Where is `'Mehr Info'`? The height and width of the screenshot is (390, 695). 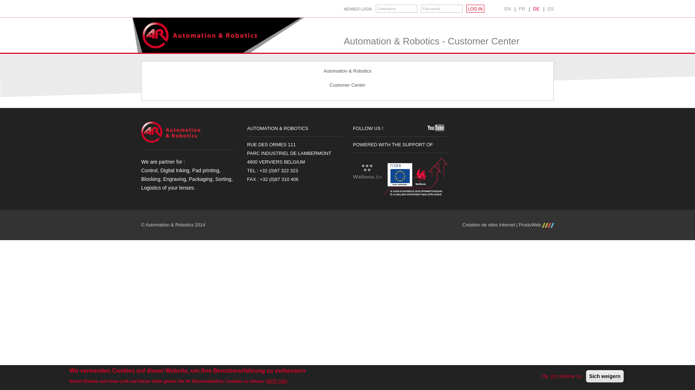 'Mehr Info' is located at coordinates (276, 381).